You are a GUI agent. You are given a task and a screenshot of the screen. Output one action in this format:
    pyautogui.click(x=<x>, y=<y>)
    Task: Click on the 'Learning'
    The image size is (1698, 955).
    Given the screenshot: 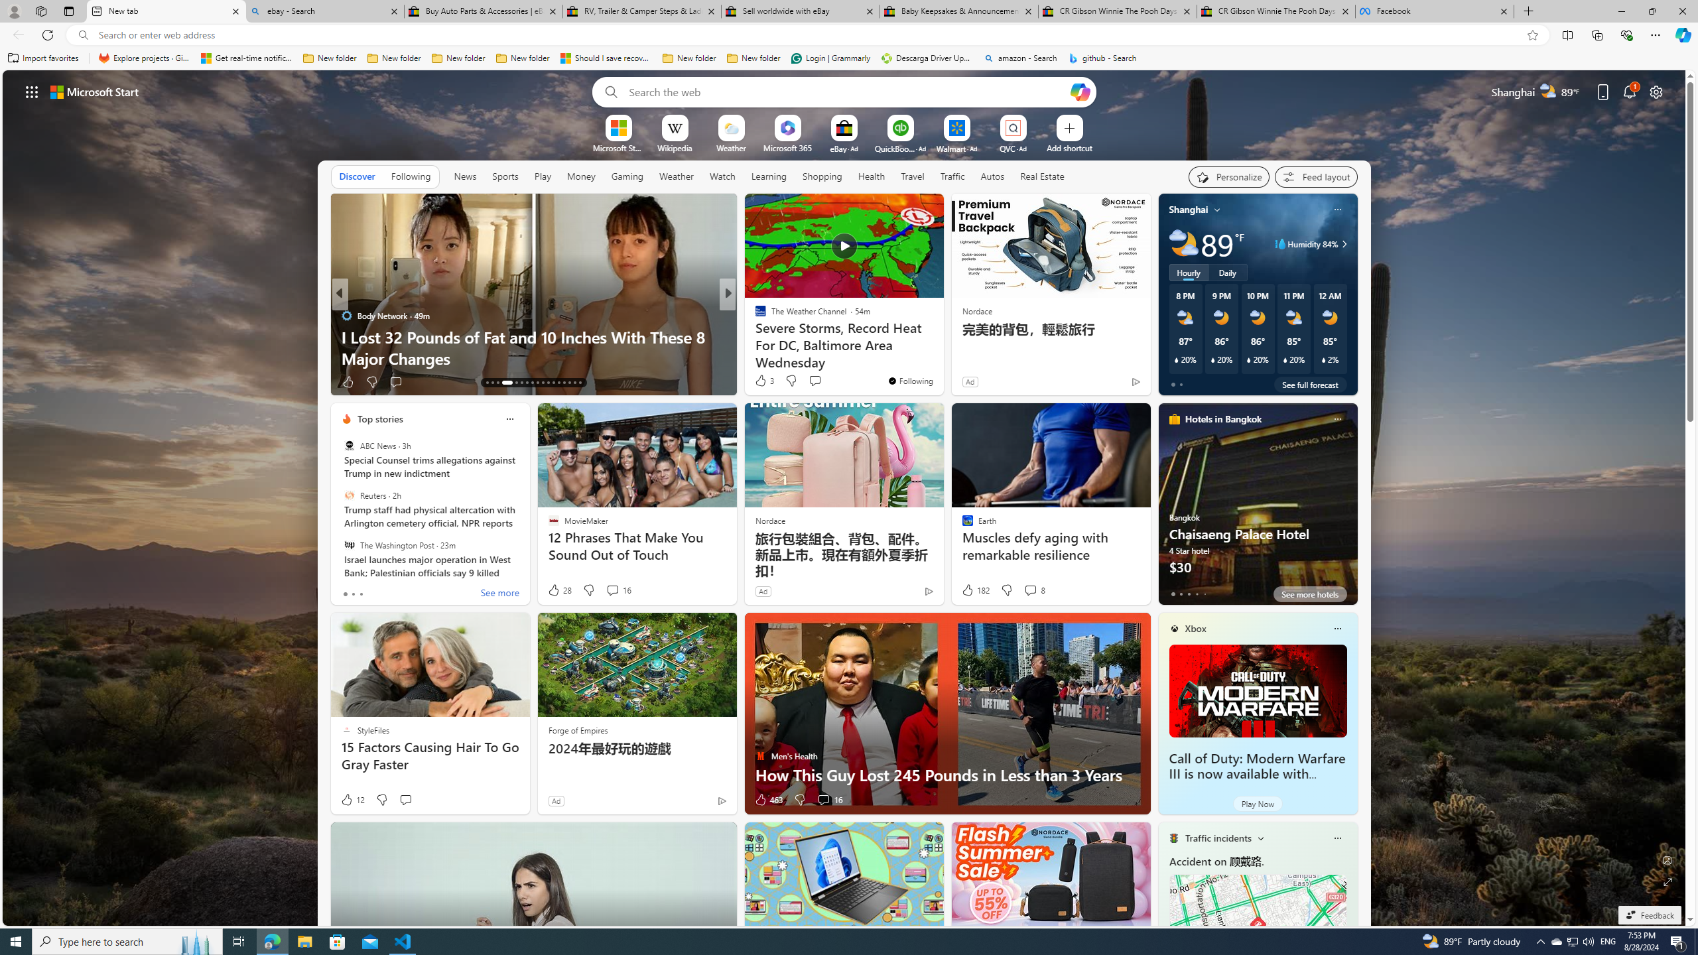 What is the action you would take?
    pyautogui.click(x=768, y=176)
    